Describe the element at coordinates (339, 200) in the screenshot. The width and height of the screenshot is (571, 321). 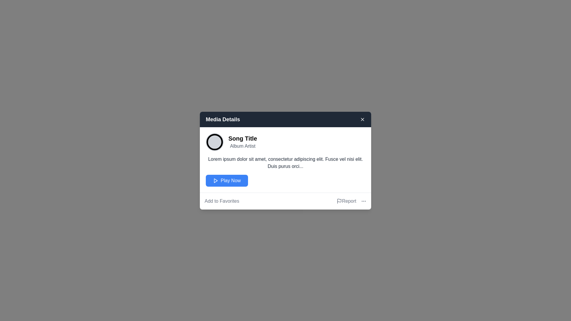
I see `the flag-shaped icon located at the bottom-right corner of the card above a vertical line` at that location.